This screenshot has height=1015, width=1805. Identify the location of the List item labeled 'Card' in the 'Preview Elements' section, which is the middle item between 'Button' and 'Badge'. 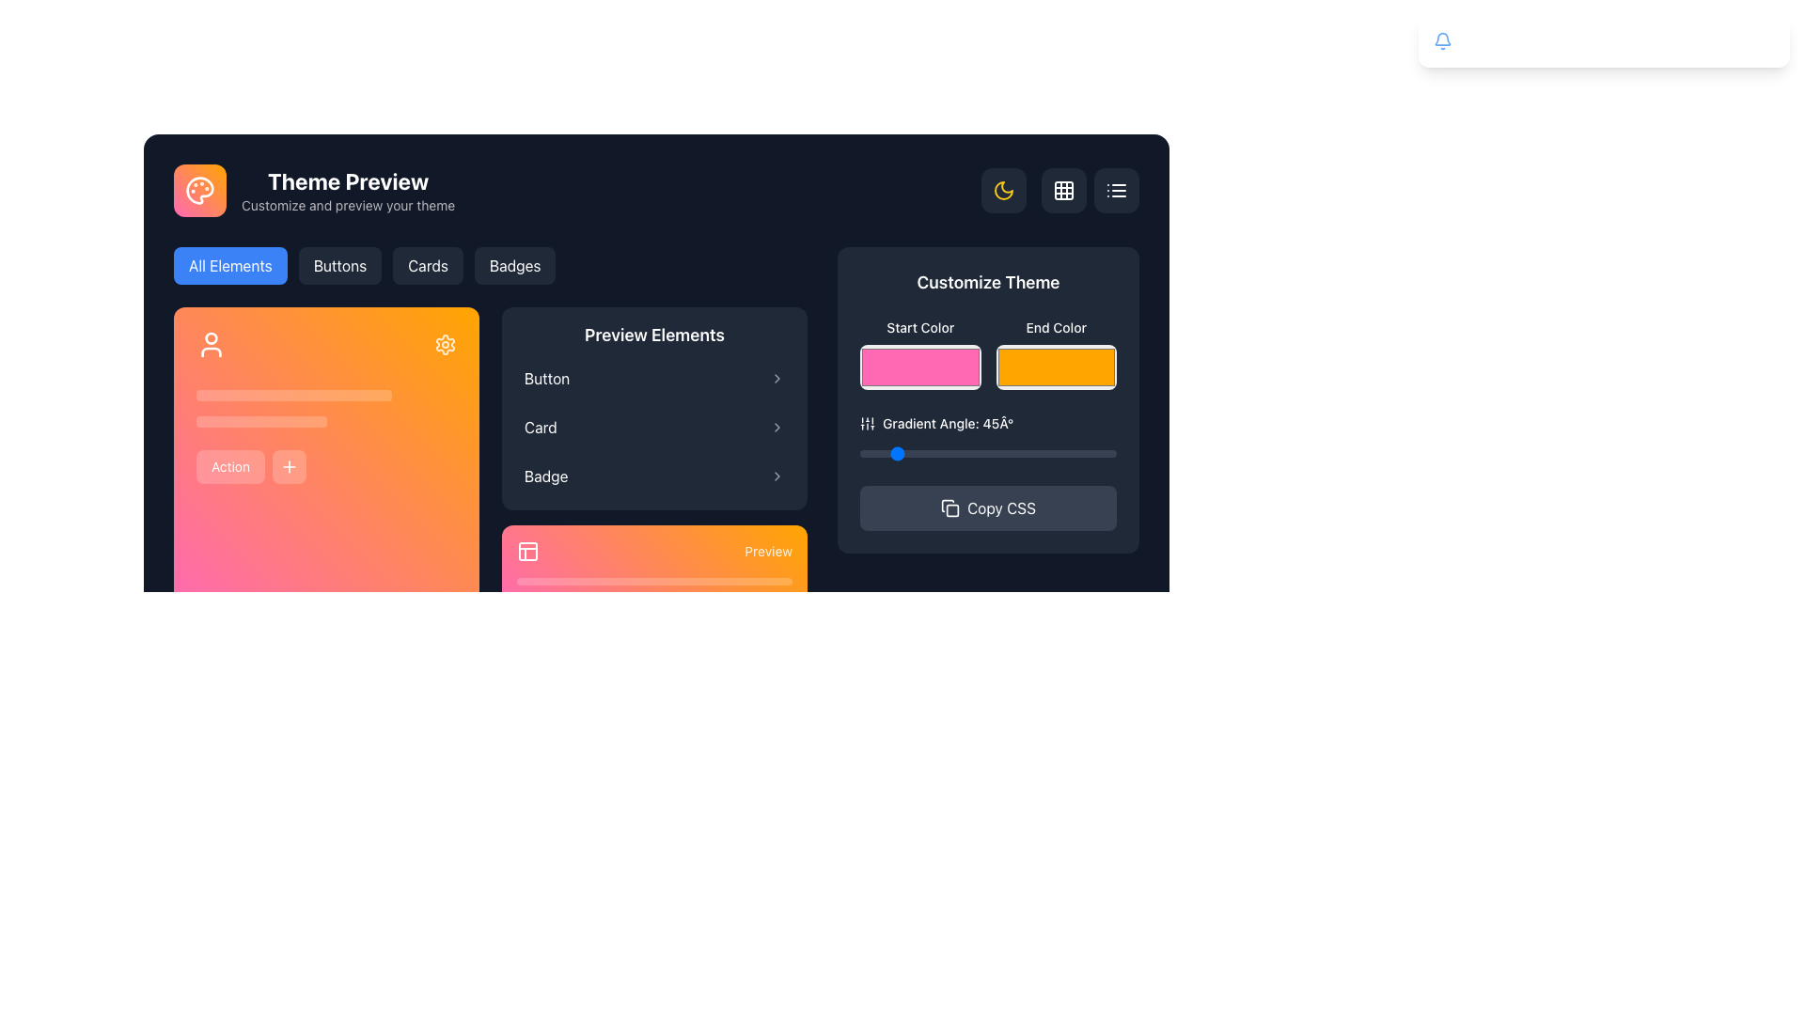
(654, 428).